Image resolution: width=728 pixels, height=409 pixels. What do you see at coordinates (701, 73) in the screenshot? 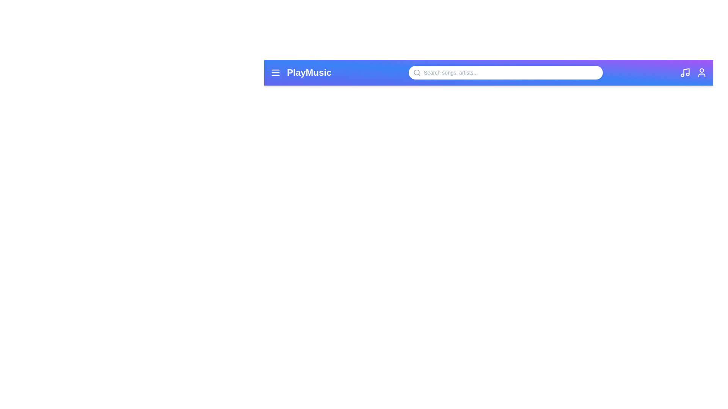
I see `the user icon to access user-related options` at bounding box center [701, 73].